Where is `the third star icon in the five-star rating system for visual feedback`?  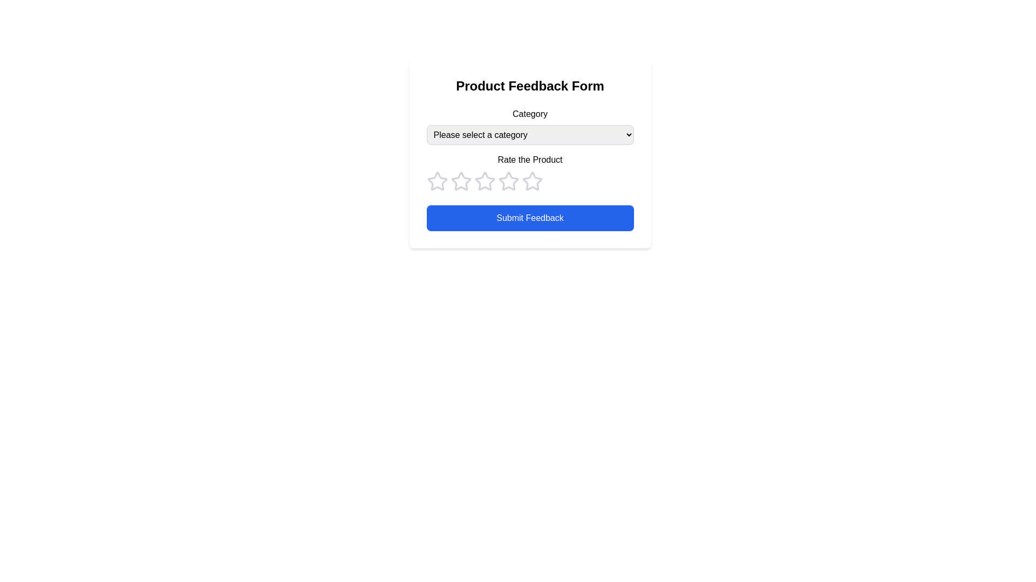 the third star icon in the five-star rating system for visual feedback is located at coordinates (461, 181).